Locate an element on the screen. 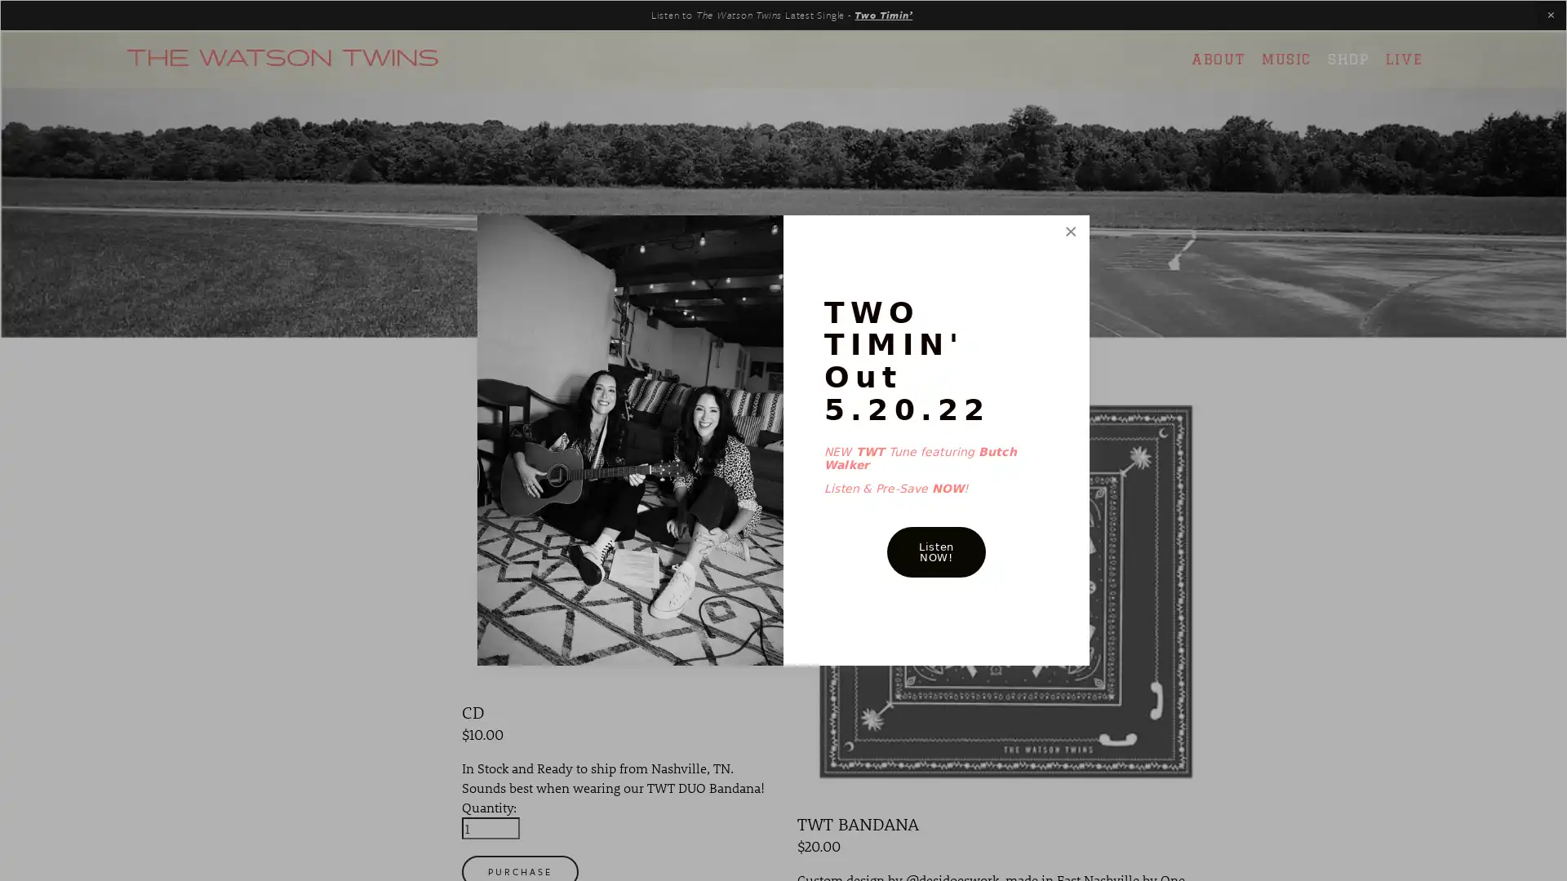 The width and height of the screenshot is (1567, 881). QUICK VIEW is located at coordinates (1005, 588).